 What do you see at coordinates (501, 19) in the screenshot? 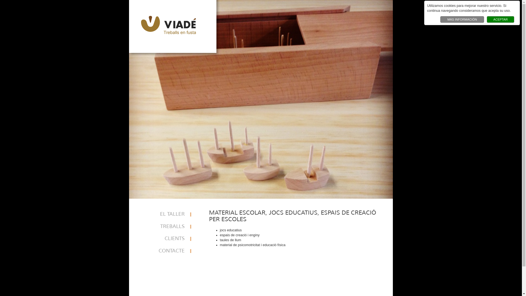
I see `'ACEPTAR'` at bounding box center [501, 19].